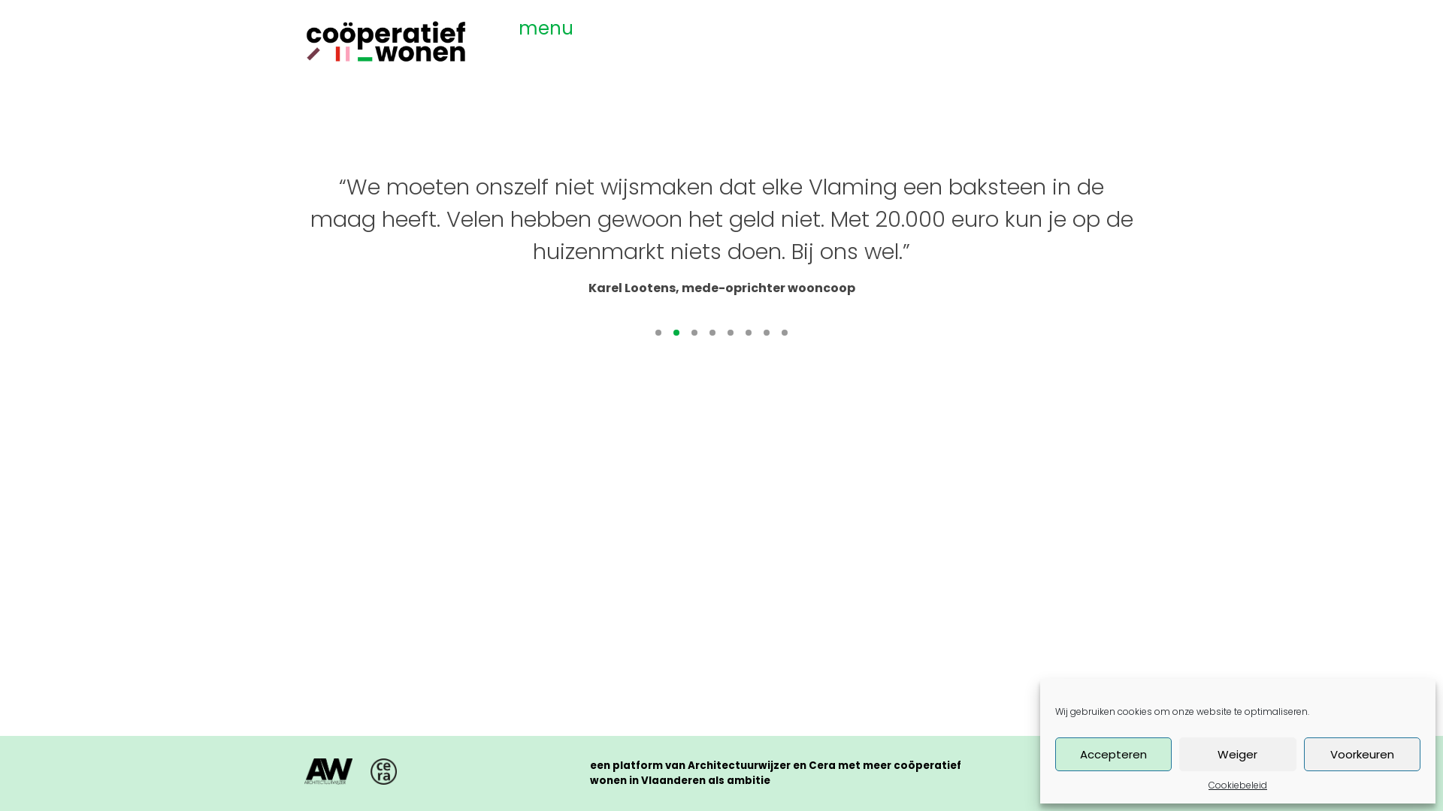 The image size is (1443, 811). I want to click on 'Voorkeuren', so click(1362, 754).